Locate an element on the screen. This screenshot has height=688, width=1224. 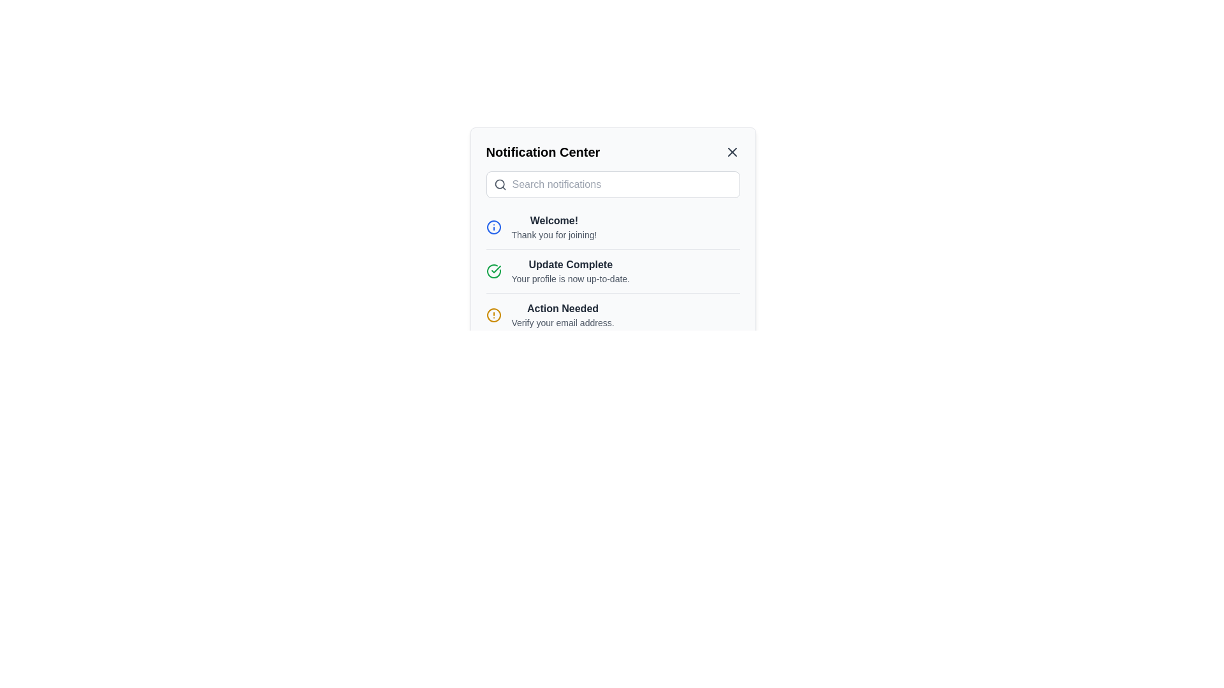
the blue outlined circular SVG element representing information in the Notification Center is located at coordinates (493, 227).